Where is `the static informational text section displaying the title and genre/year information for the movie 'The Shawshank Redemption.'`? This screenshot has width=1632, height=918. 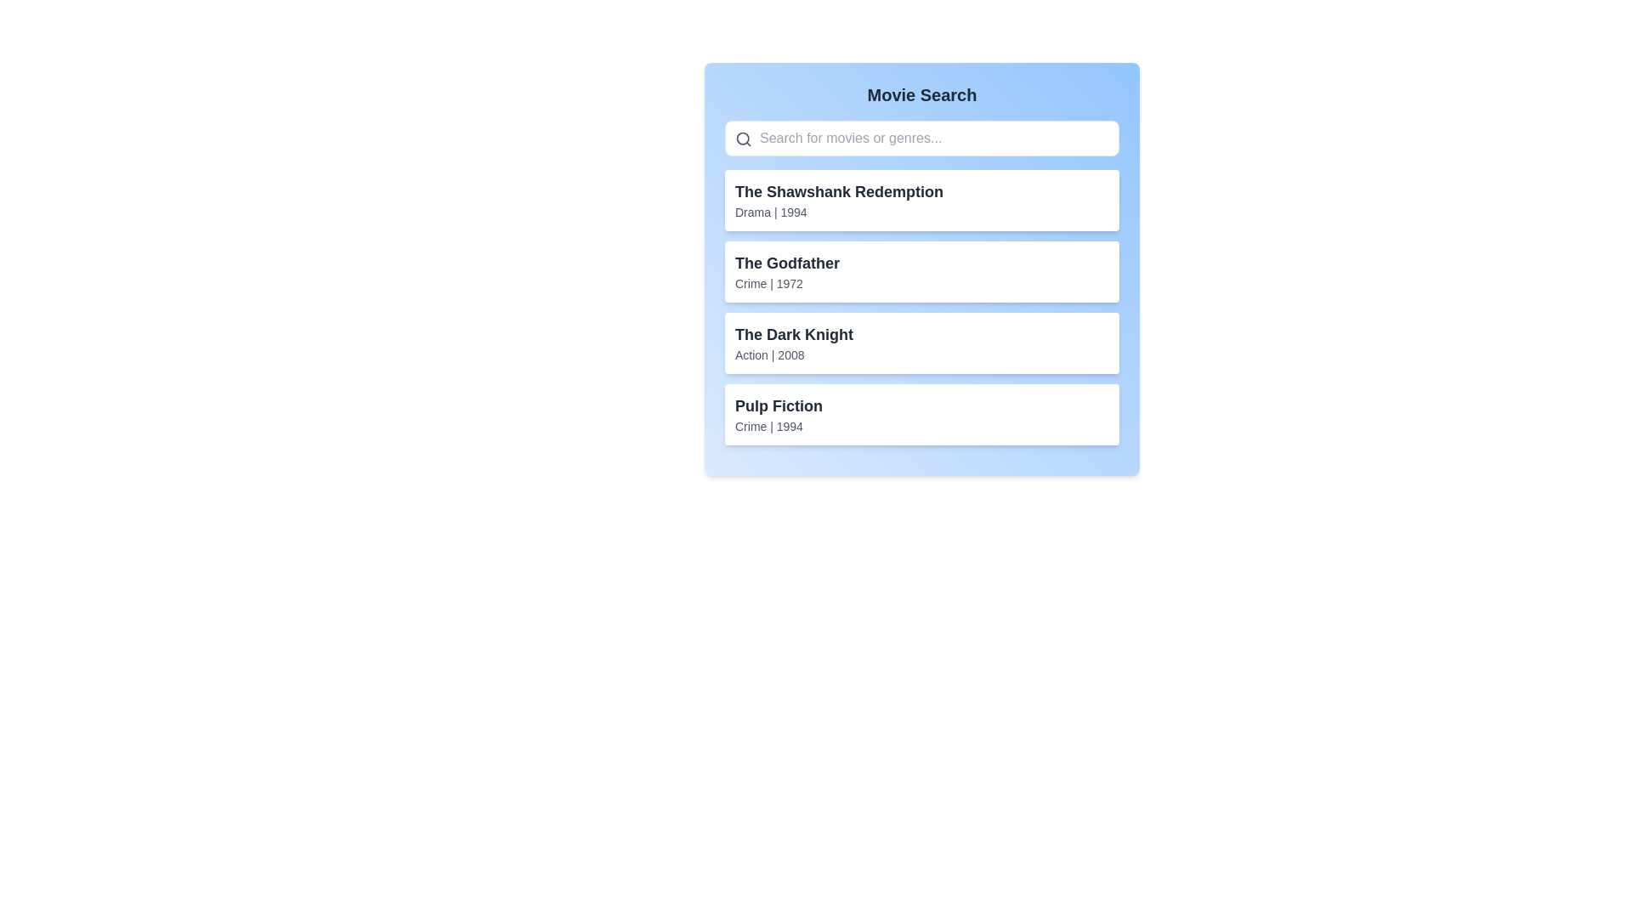
the static informational text section displaying the title and genre/year information for the movie 'The Shawshank Redemption.' is located at coordinates (839, 199).